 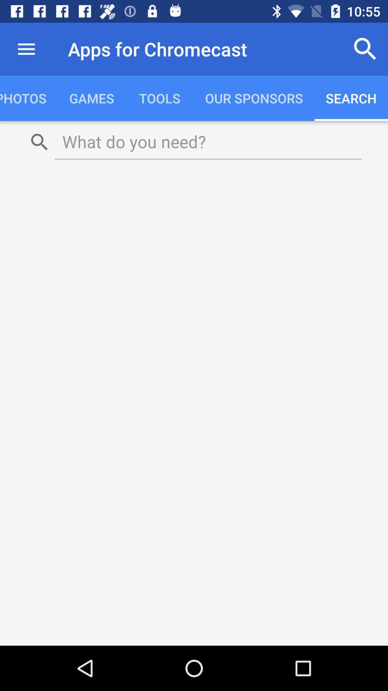 I want to click on the icon next to the apps for chromecast, so click(x=26, y=49).